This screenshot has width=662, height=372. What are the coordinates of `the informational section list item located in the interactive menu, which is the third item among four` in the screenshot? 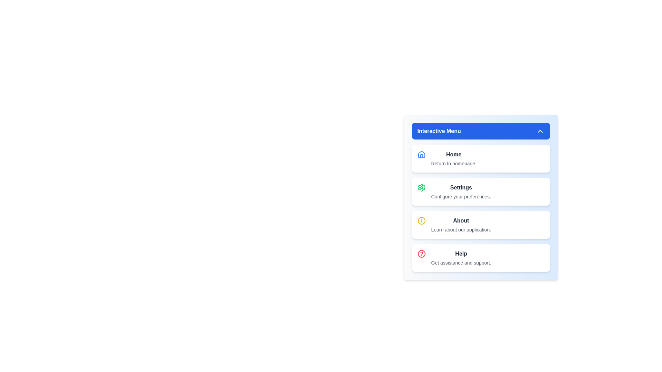 It's located at (480, 225).